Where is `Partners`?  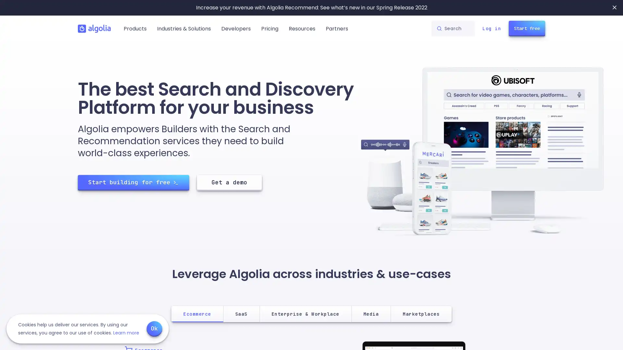 Partners is located at coordinates (337, 28).